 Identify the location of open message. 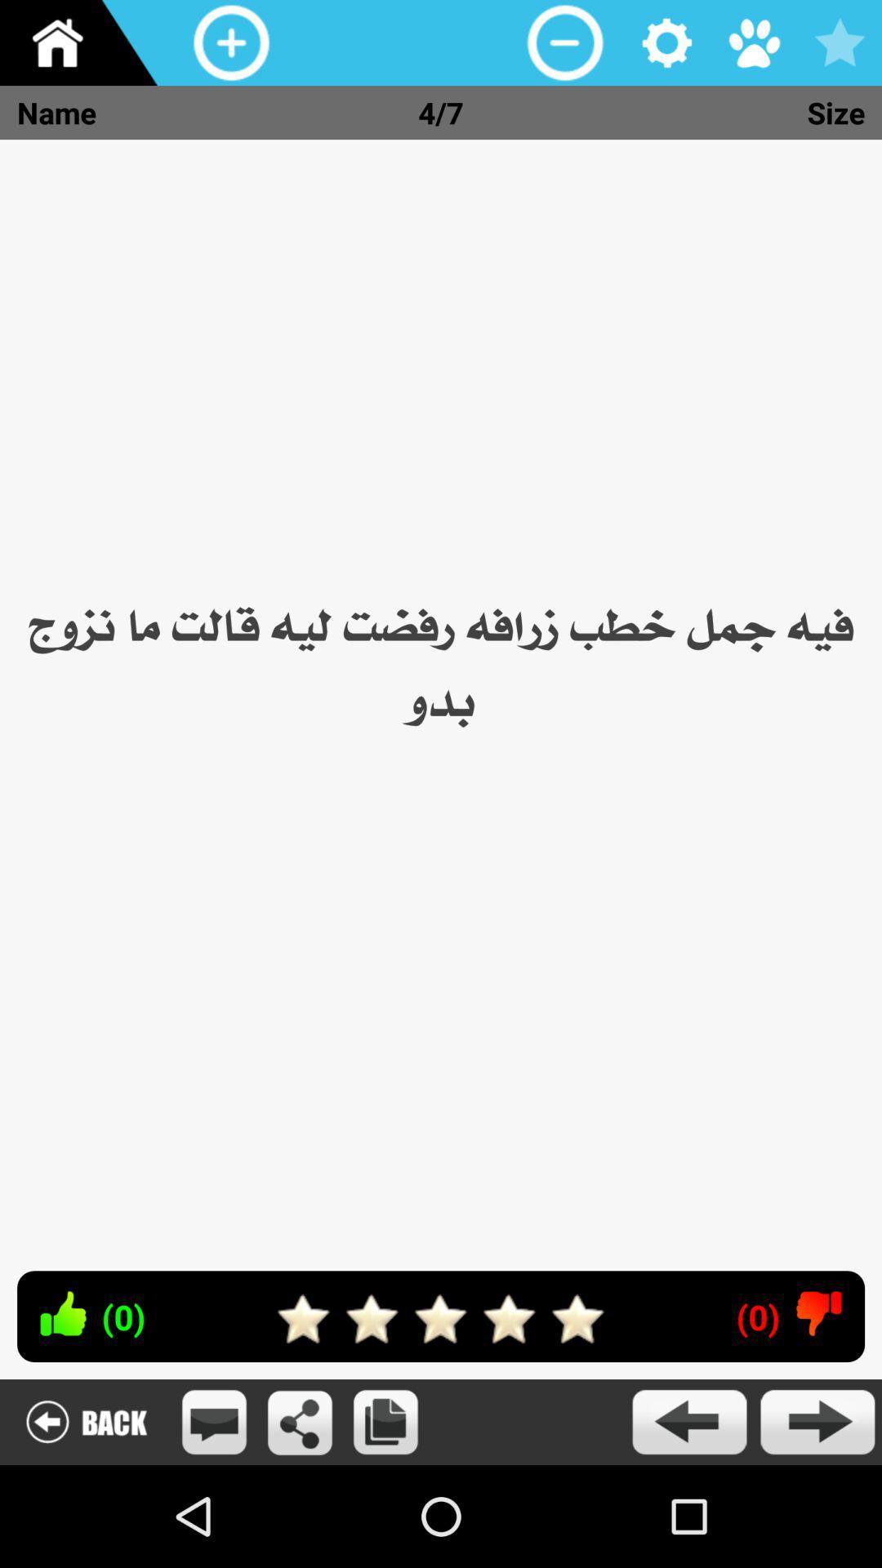
(213, 1421).